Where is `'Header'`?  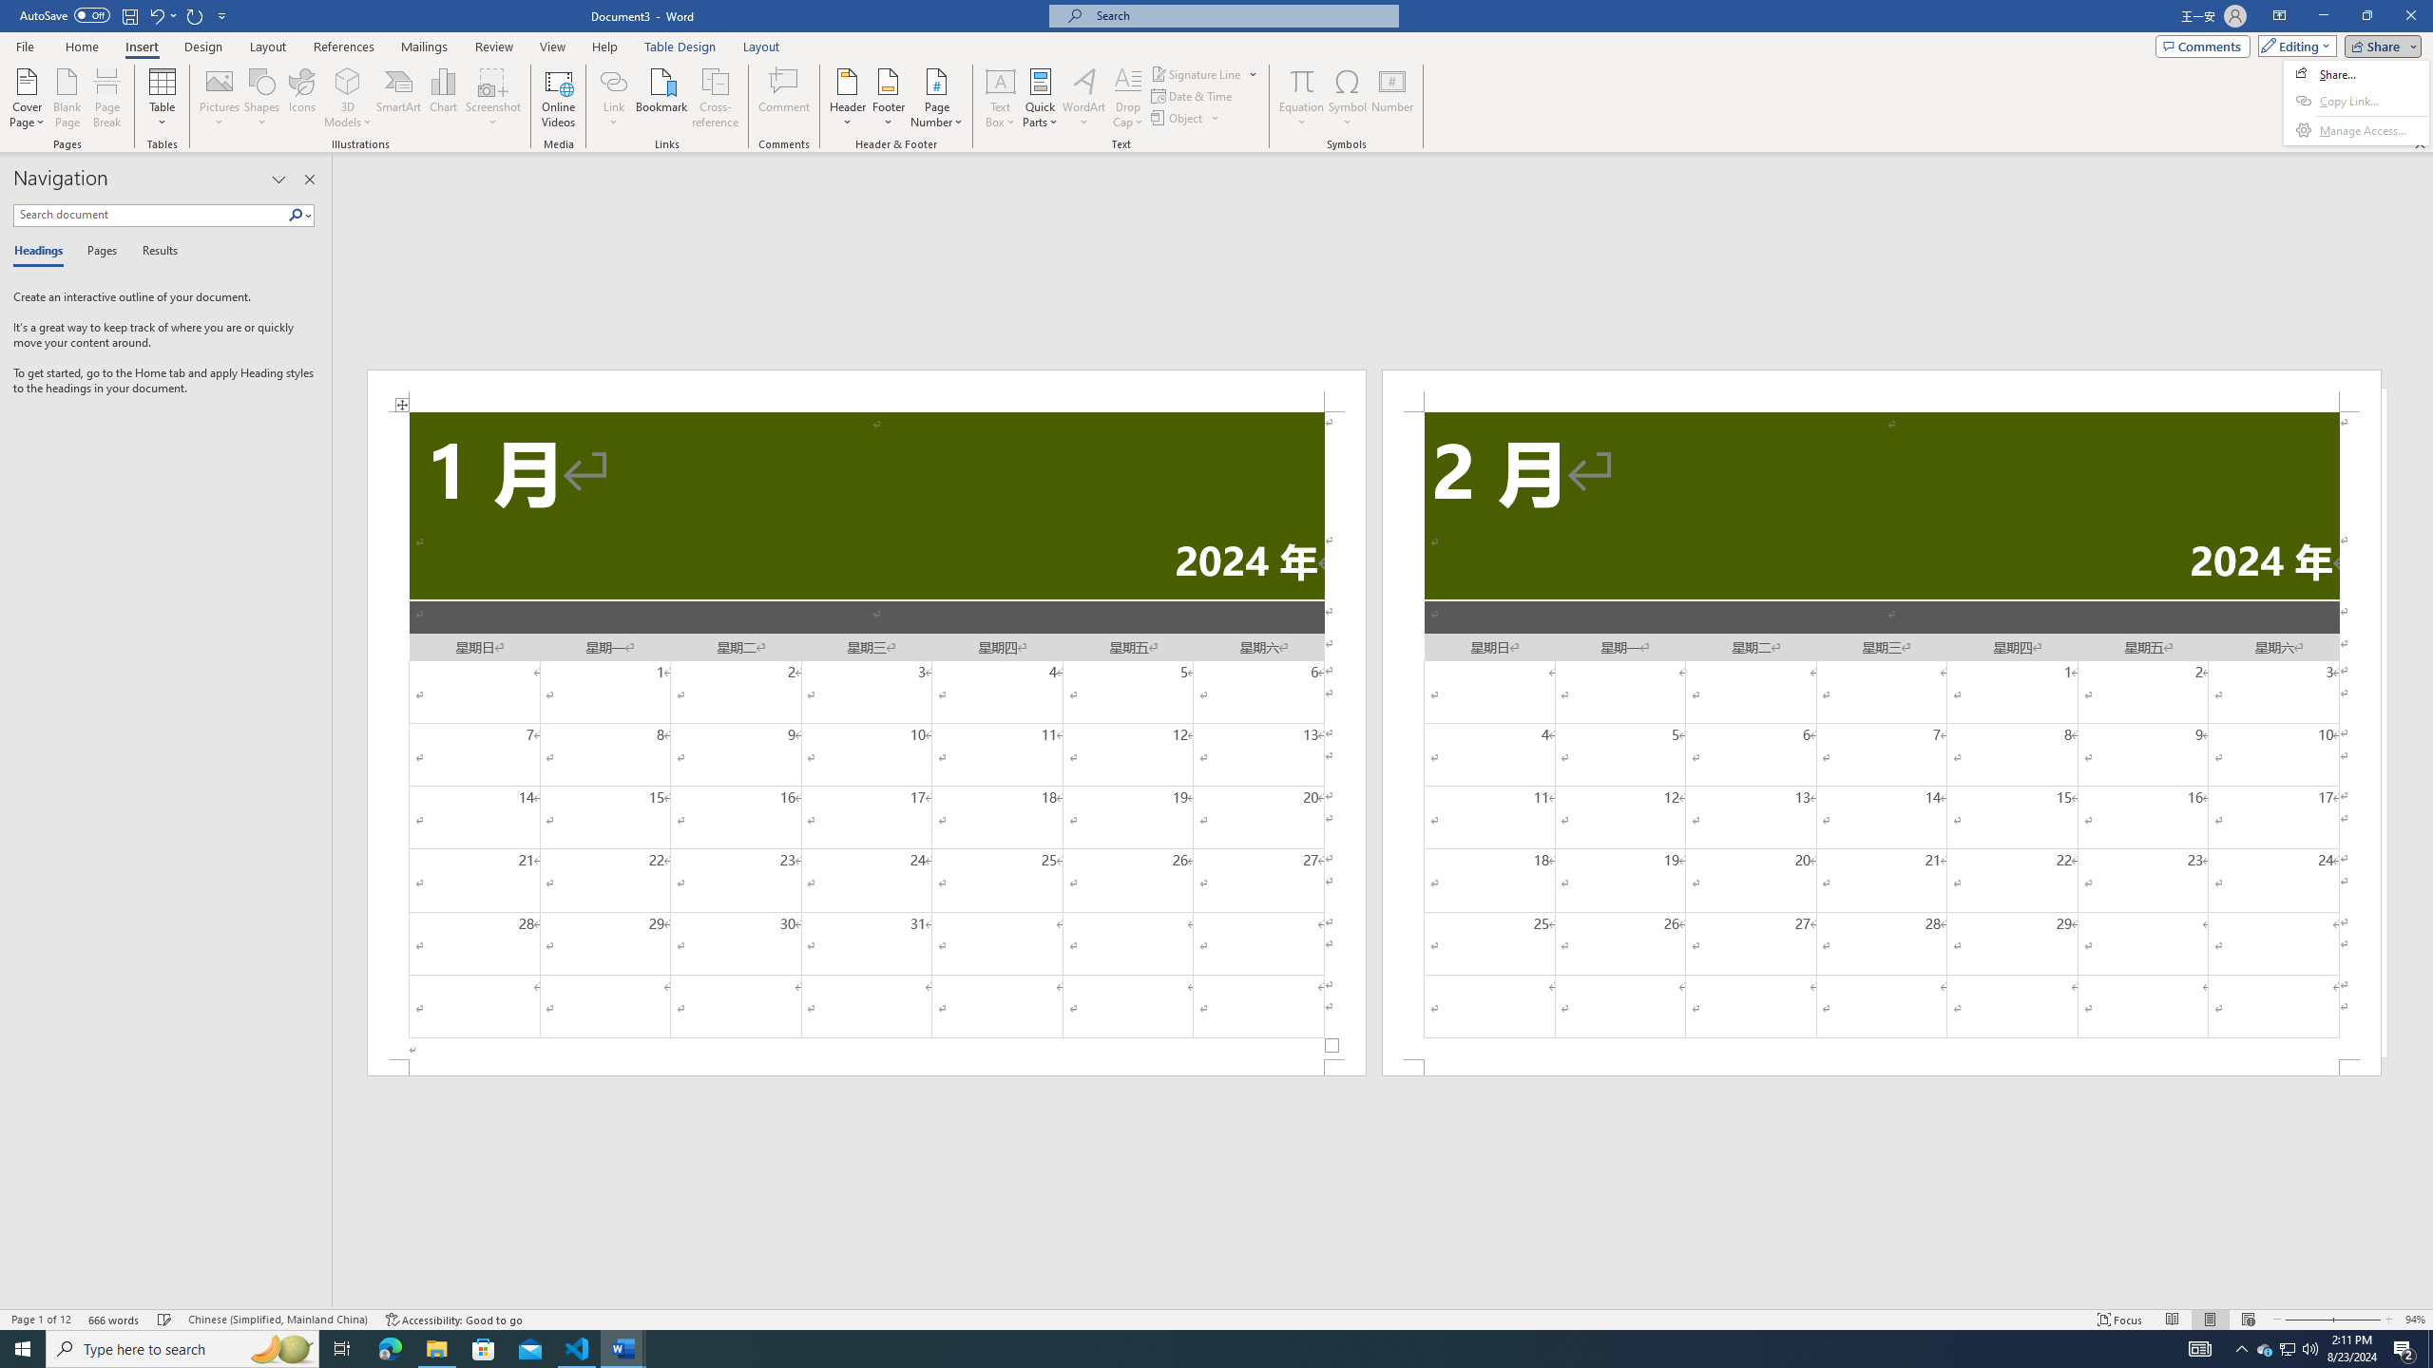
'Header' is located at coordinates (848, 98).